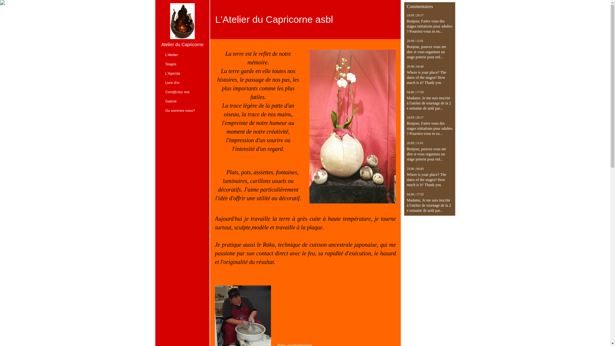 The image size is (615, 346). I want to click on 'Cont@ctez moi', so click(182, 92).